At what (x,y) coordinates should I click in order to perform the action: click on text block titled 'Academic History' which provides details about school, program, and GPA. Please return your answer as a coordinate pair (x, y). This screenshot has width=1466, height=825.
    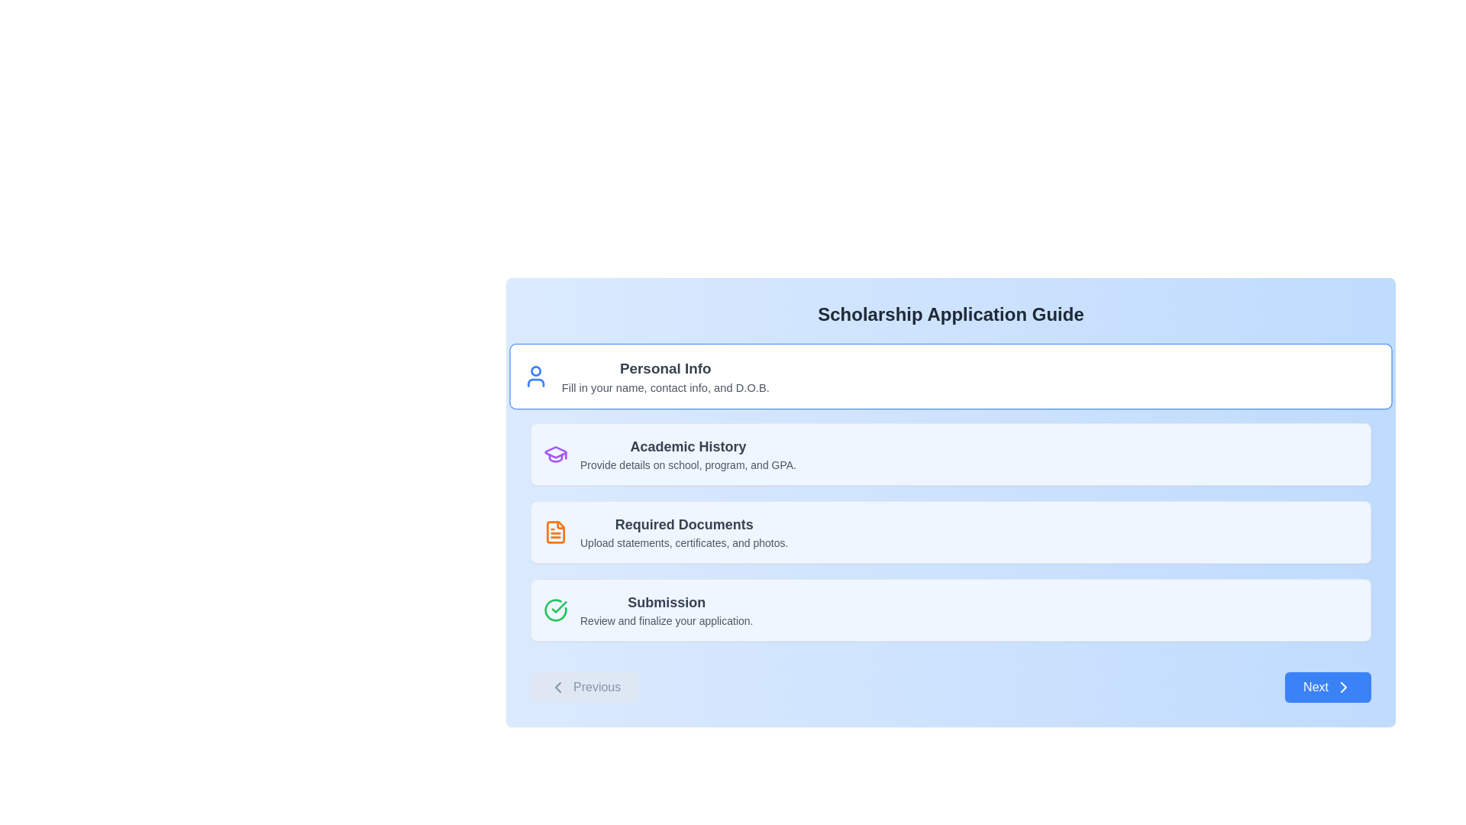
    Looking at the image, I should click on (687, 453).